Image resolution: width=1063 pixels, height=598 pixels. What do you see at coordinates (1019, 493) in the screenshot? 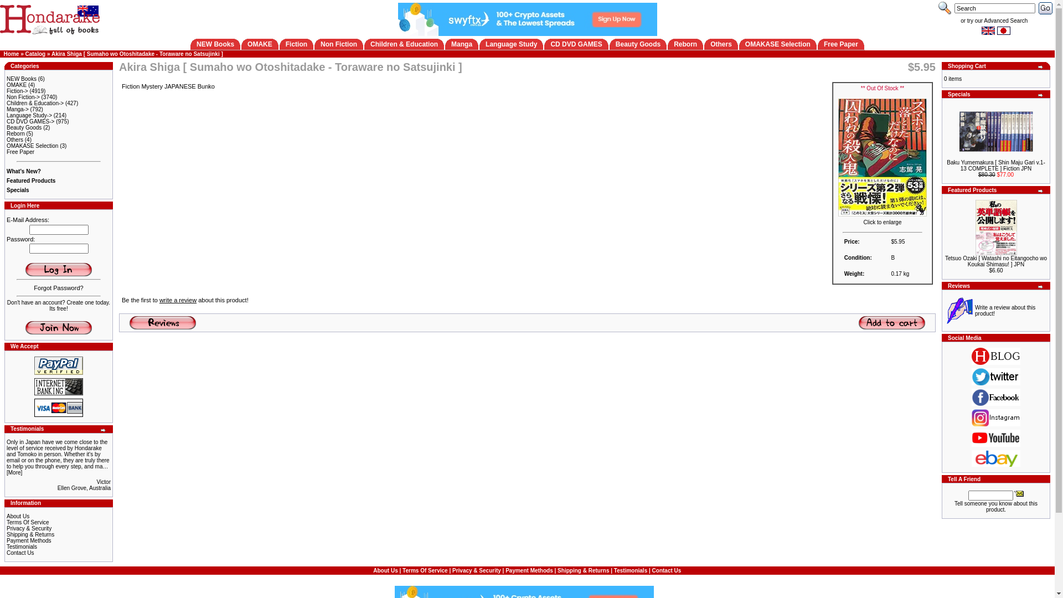
I see `' Tell A Friend '` at bounding box center [1019, 493].